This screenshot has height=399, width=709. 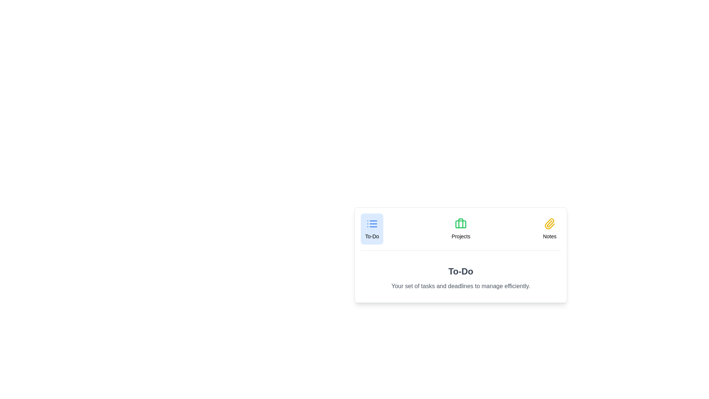 I want to click on the Notes tab by clicking on its button, so click(x=549, y=229).